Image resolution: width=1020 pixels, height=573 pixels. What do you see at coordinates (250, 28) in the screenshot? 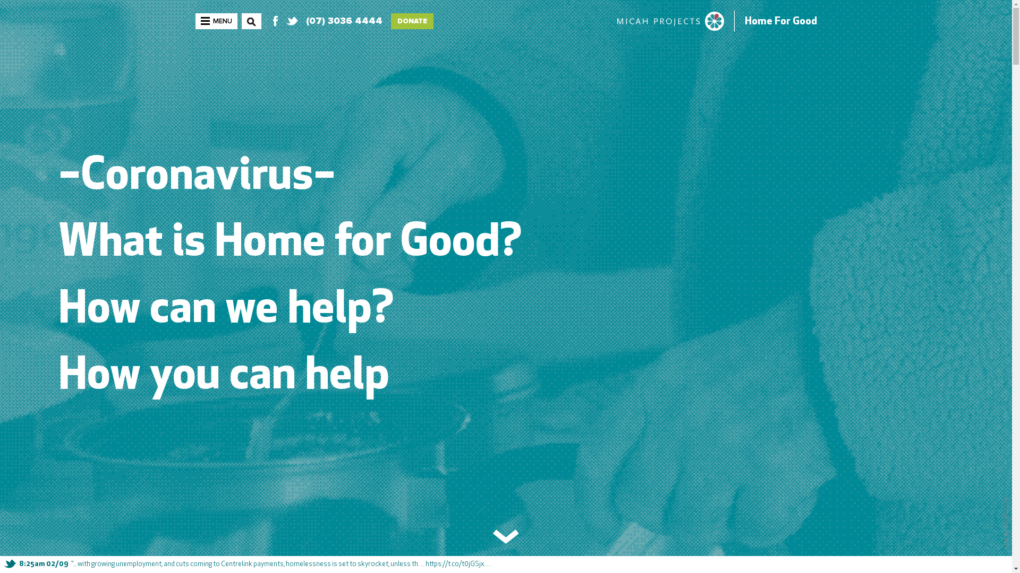
I see `'SEARCH'` at bounding box center [250, 28].